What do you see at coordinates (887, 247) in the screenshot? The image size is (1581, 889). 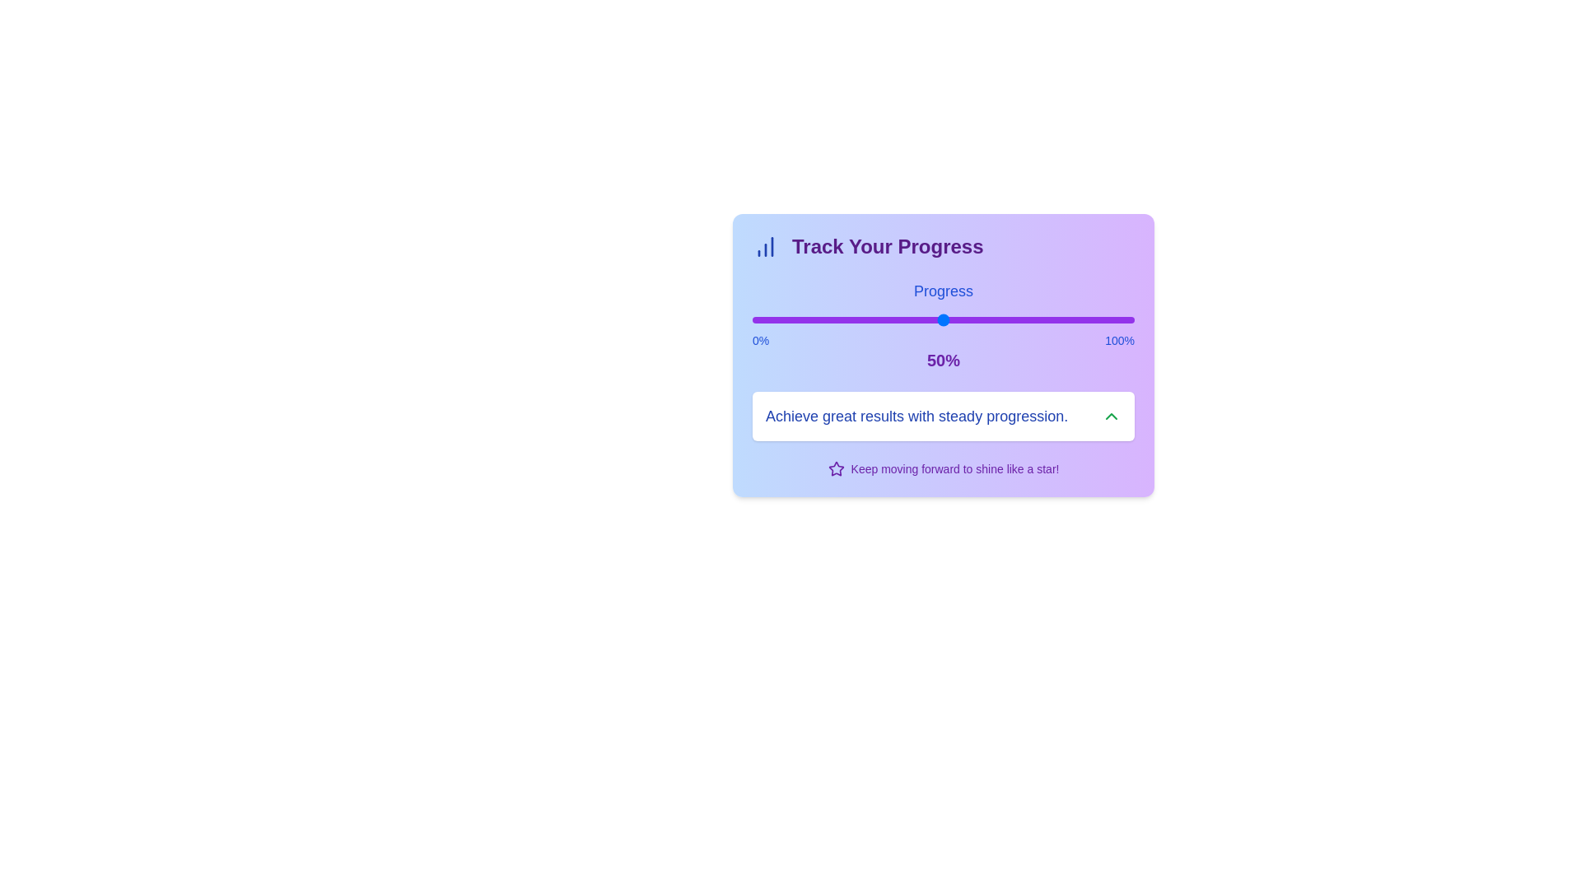 I see `the bold, large-sized header text 'Track Your Progress' that is prominently displayed in purple color, located in the upper section of the interface above the progress bar` at bounding box center [887, 247].